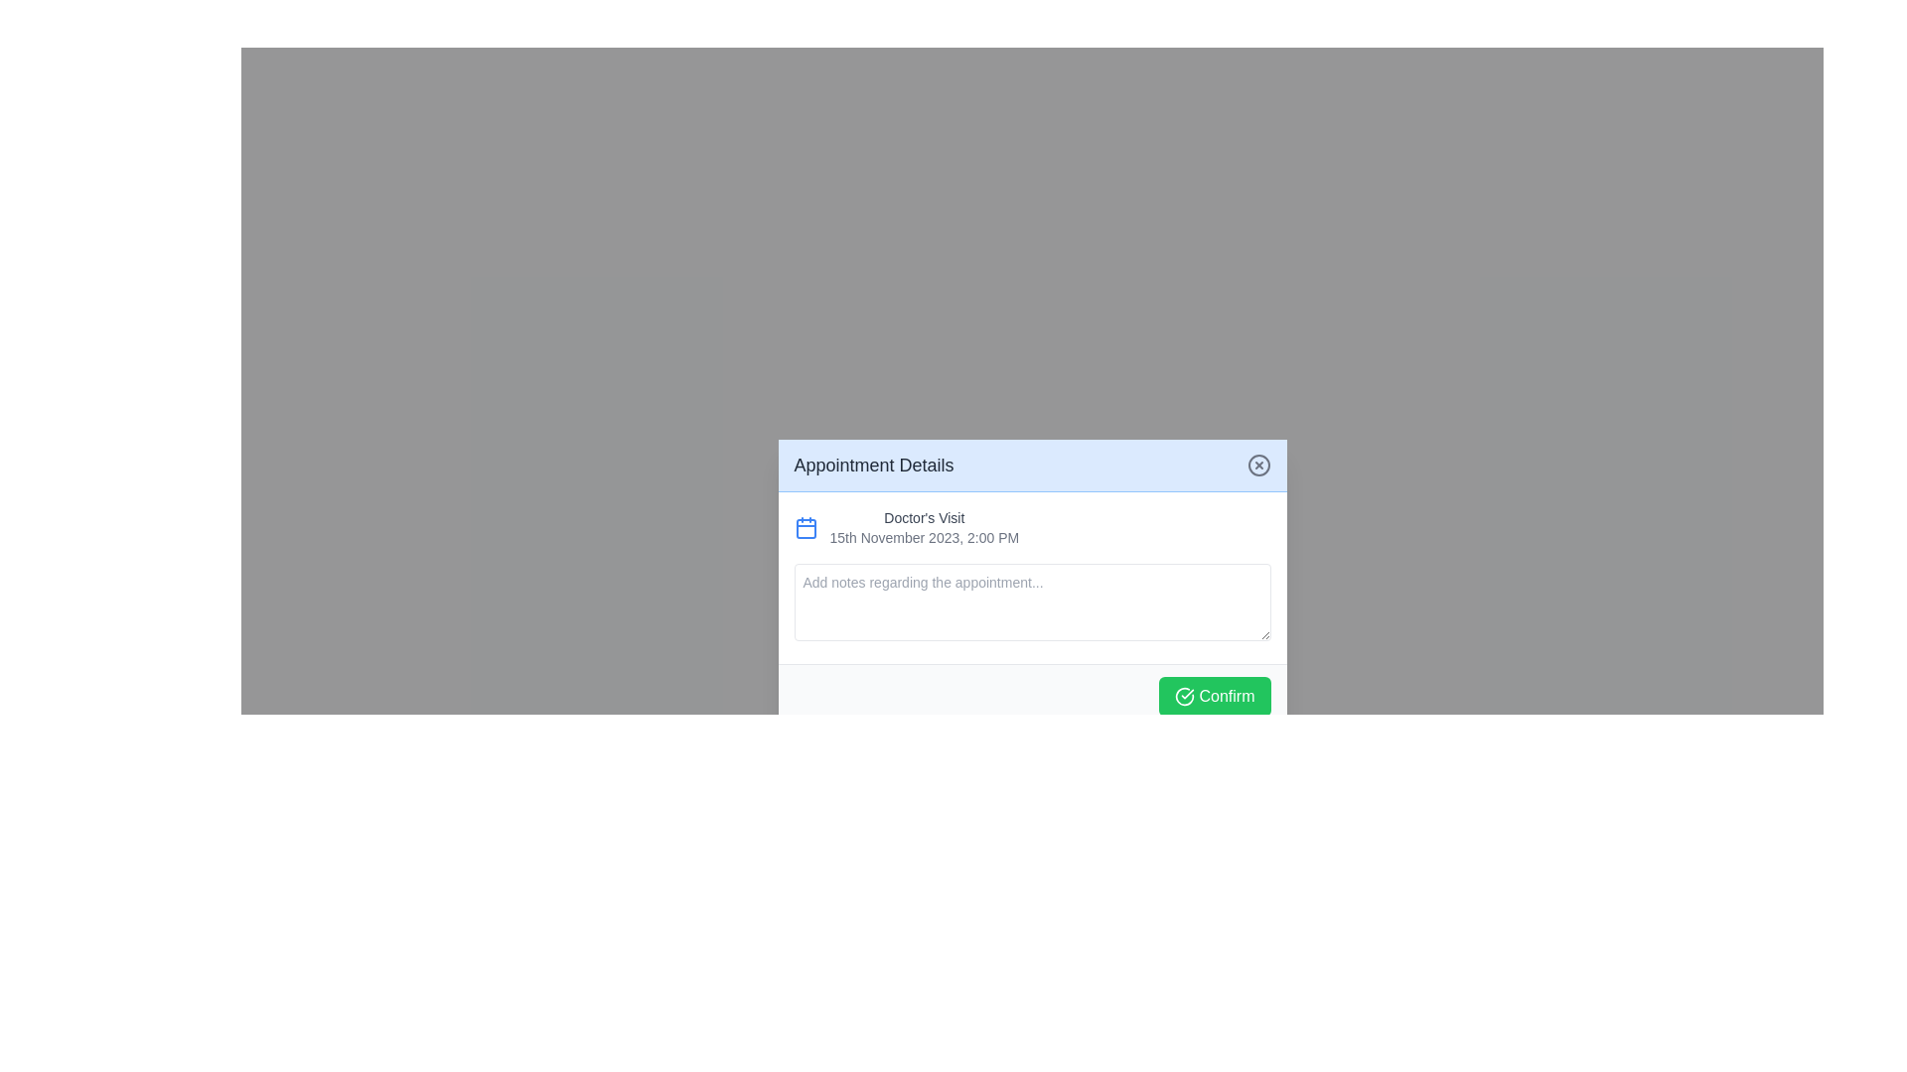 The image size is (1907, 1072). What do you see at coordinates (1032, 582) in the screenshot?
I see `the interactive elements of the appointment Modal/Dialog Box` at bounding box center [1032, 582].